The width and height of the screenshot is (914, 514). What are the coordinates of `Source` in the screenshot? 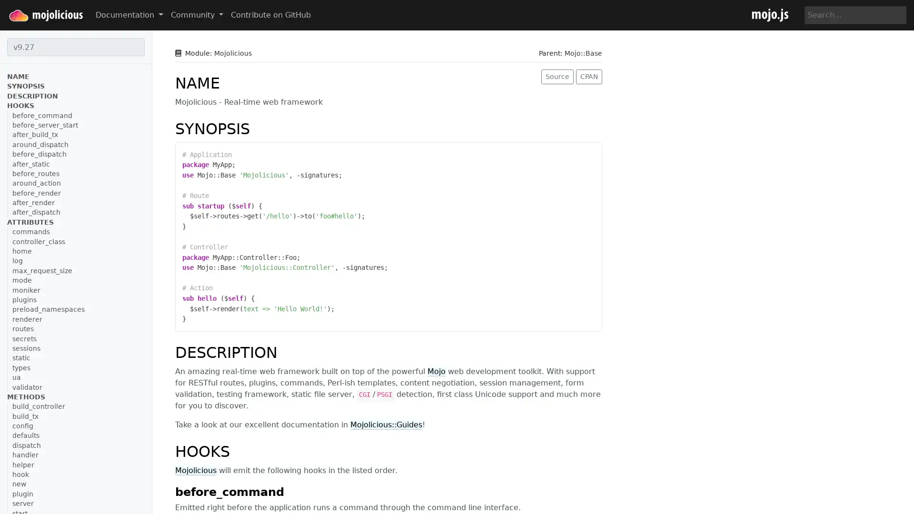 It's located at (557, 76).